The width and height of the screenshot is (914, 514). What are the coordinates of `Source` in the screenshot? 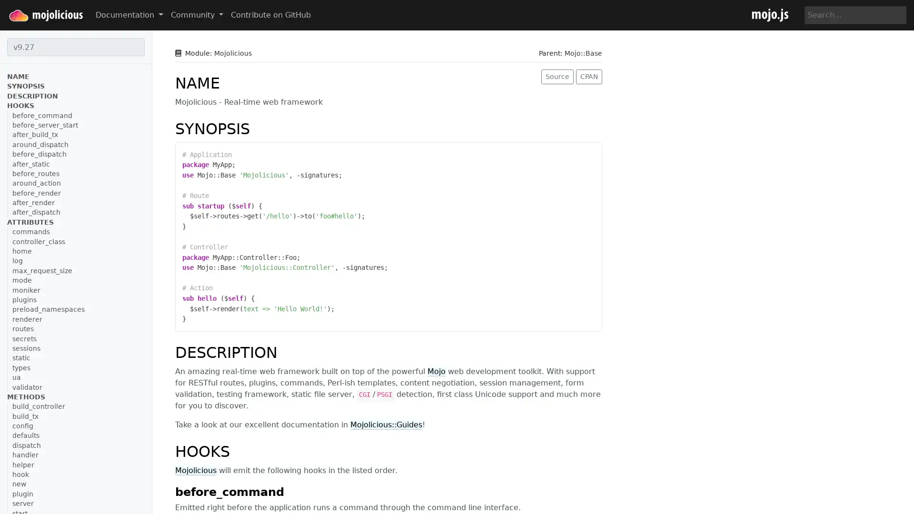 It's located at (557, 76).